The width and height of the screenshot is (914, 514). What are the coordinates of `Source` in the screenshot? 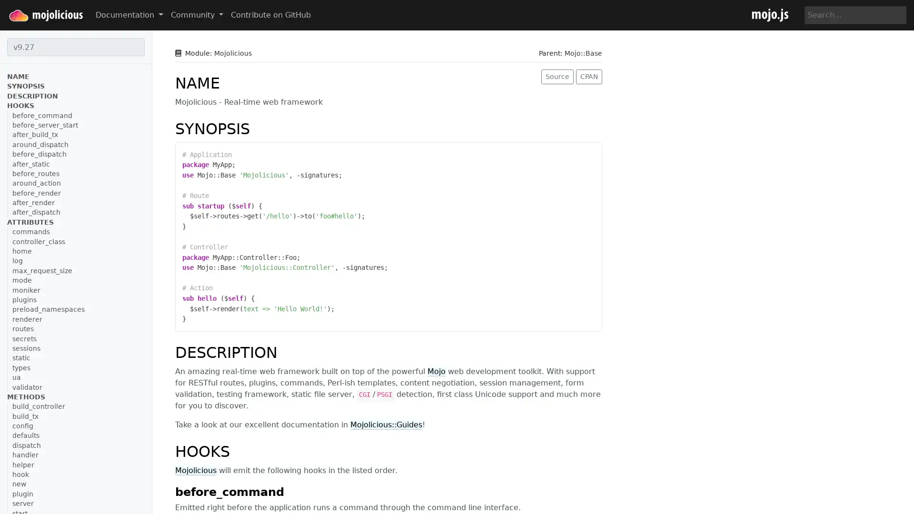 It's located at (557, 76).